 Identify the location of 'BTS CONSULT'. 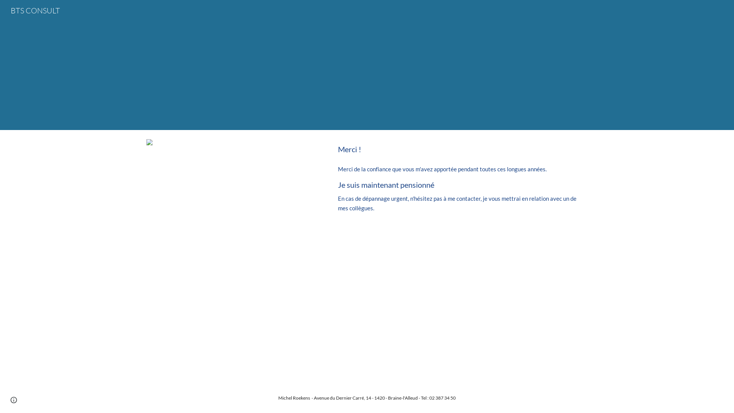
(35, 10).